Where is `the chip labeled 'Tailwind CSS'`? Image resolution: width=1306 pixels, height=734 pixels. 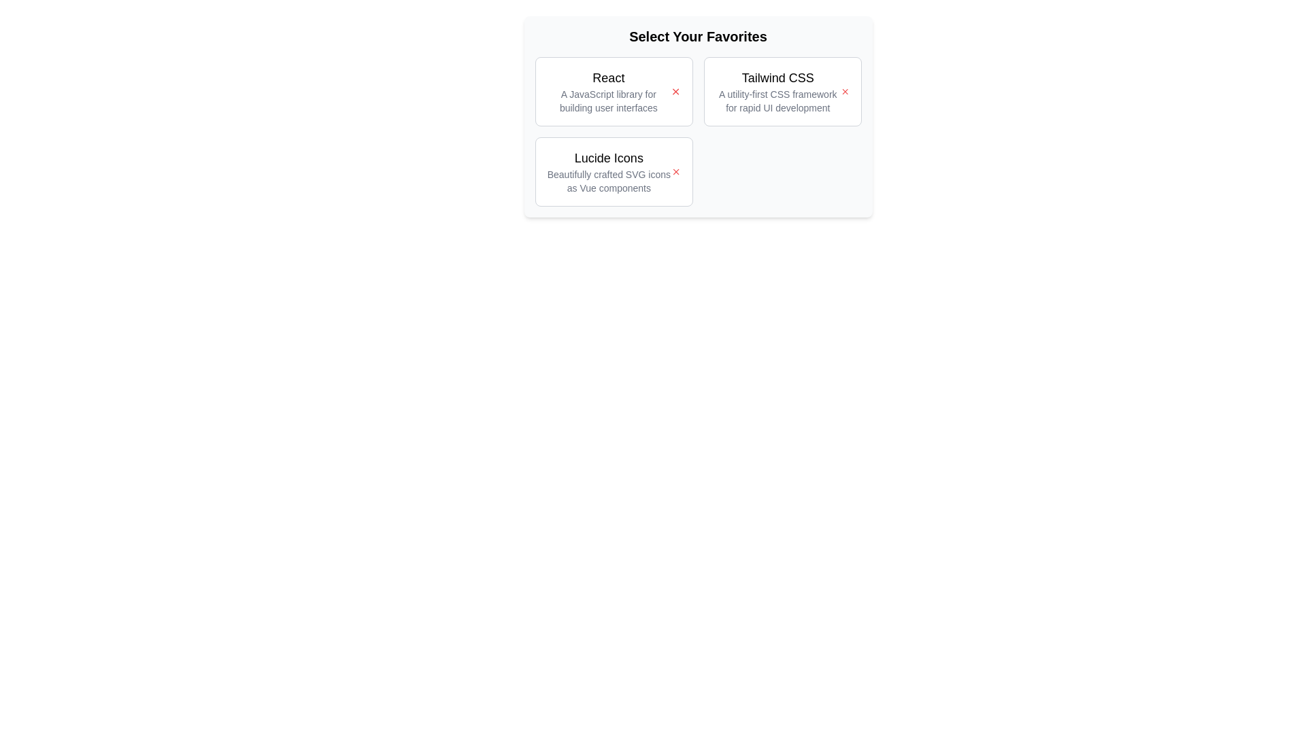 the chip labeled 'Tailwind CSS' is located at coordinates (782, 92).